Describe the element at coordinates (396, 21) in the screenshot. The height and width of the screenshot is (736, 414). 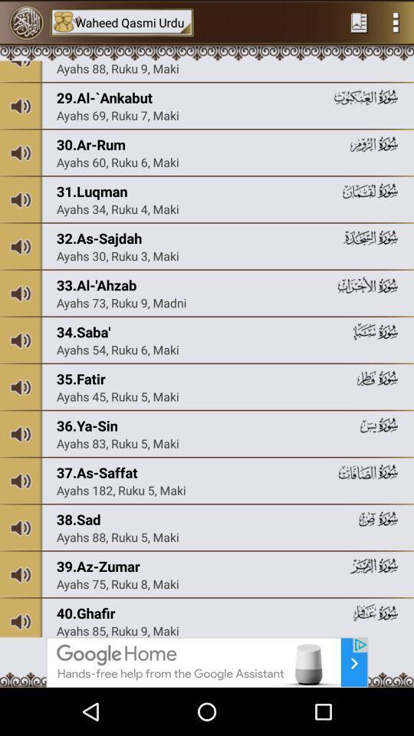
I see `menu page` at that location.